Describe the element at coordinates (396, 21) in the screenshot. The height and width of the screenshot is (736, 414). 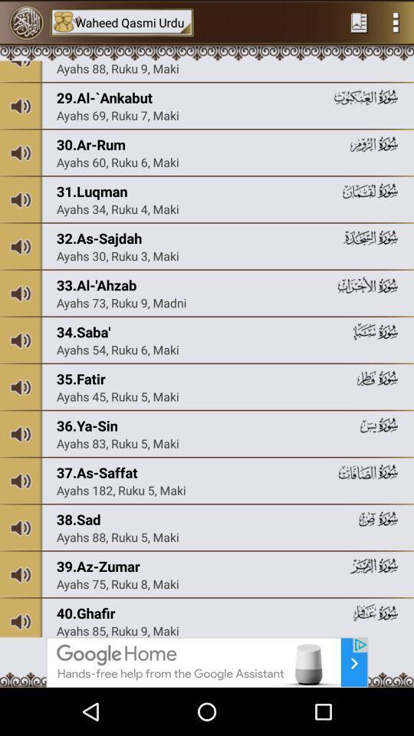
I see `menu page` at that location.